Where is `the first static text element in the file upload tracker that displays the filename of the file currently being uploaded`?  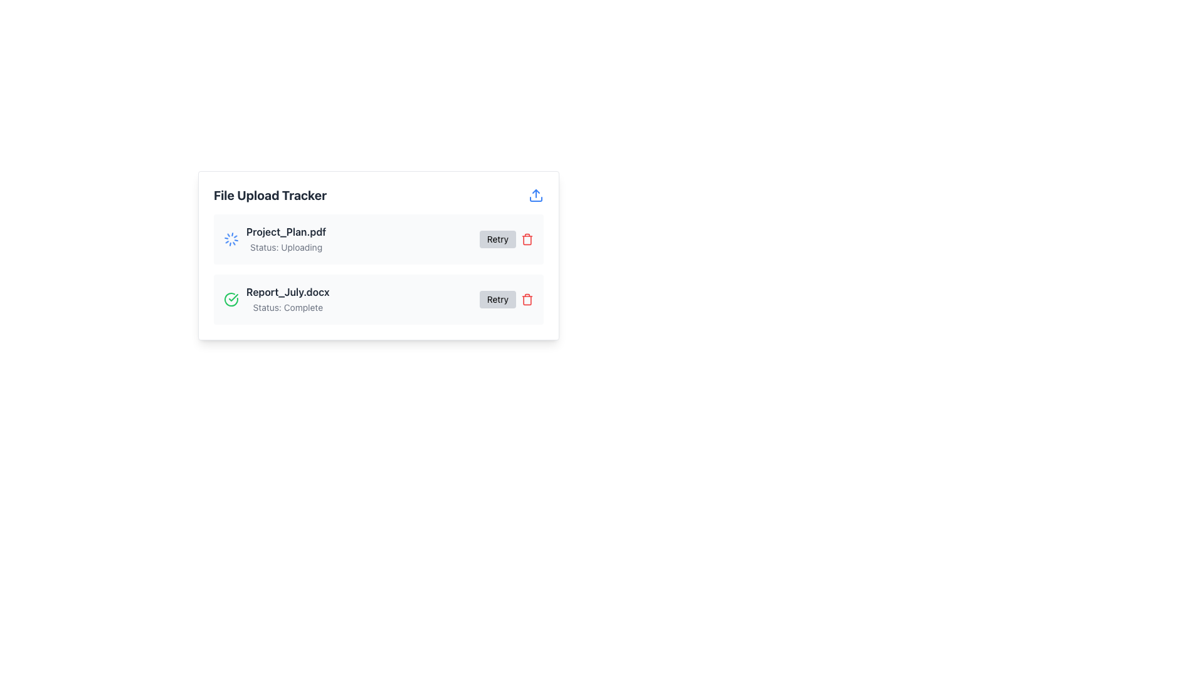
the first static text element in the file upload tracker that displays the filename of the file currently being uploaded is located at coordinates (285, 232).